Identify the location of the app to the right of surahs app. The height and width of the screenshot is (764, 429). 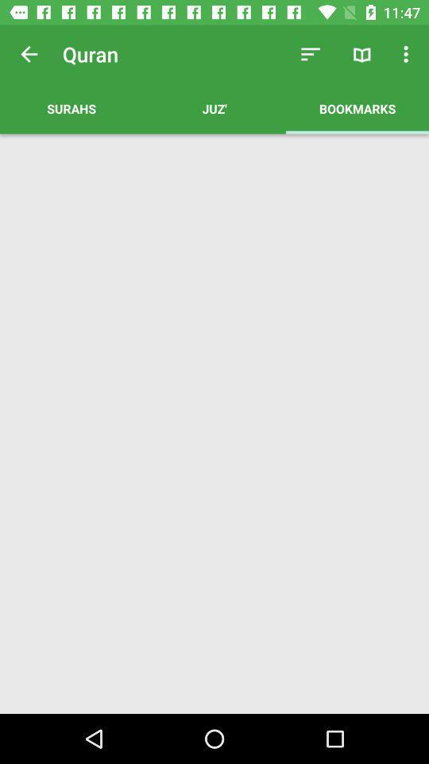
(311, 54).